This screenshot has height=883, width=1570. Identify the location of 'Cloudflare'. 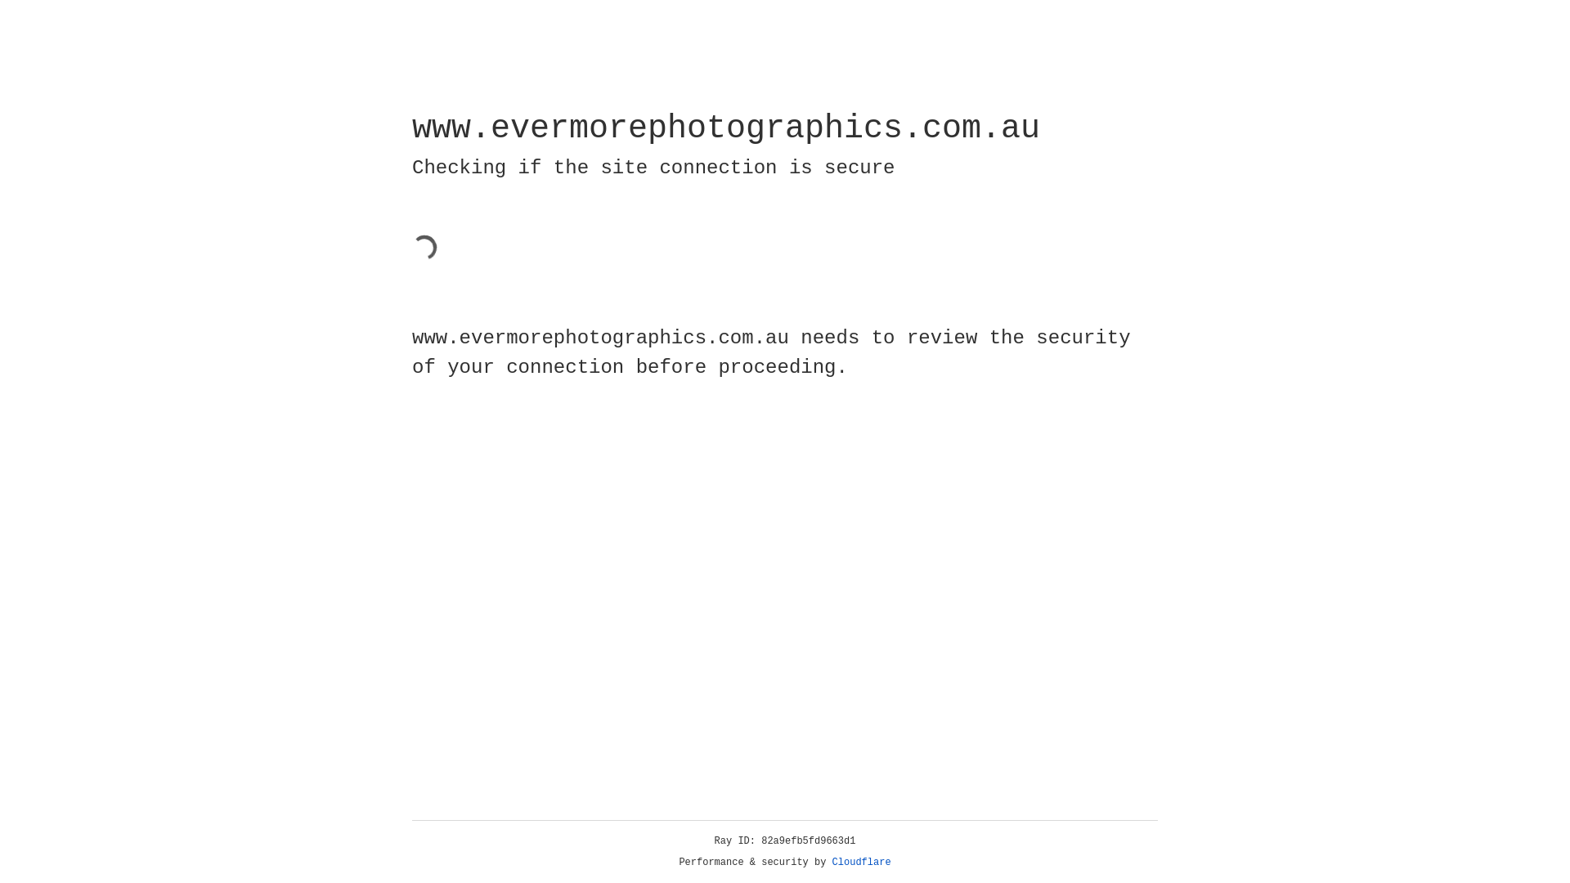
(861, 862).